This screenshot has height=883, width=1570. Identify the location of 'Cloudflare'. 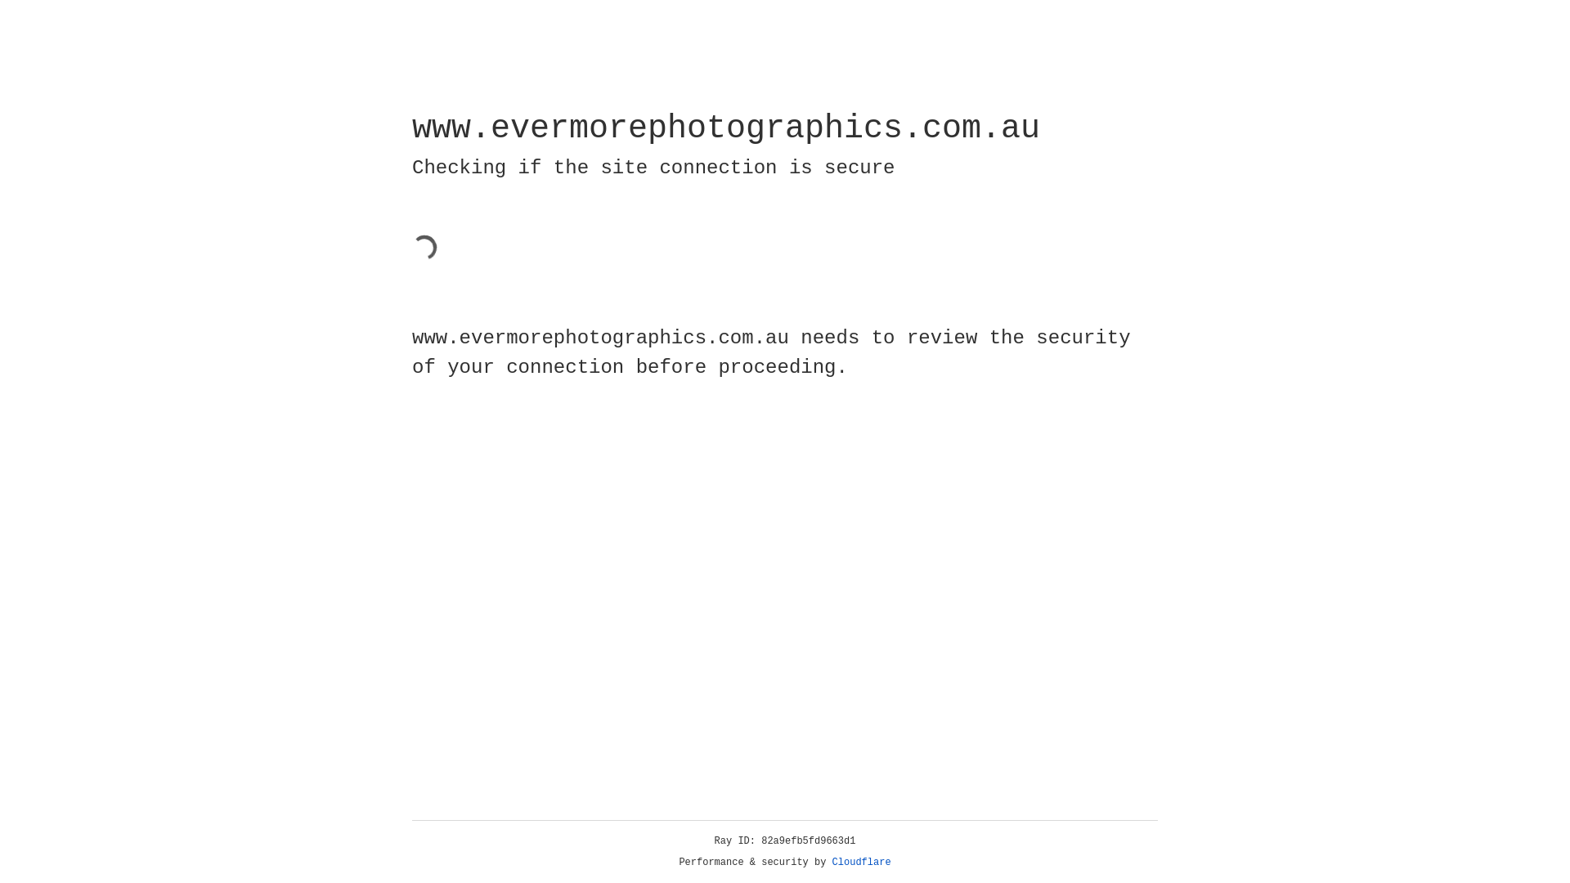
(861, 862).